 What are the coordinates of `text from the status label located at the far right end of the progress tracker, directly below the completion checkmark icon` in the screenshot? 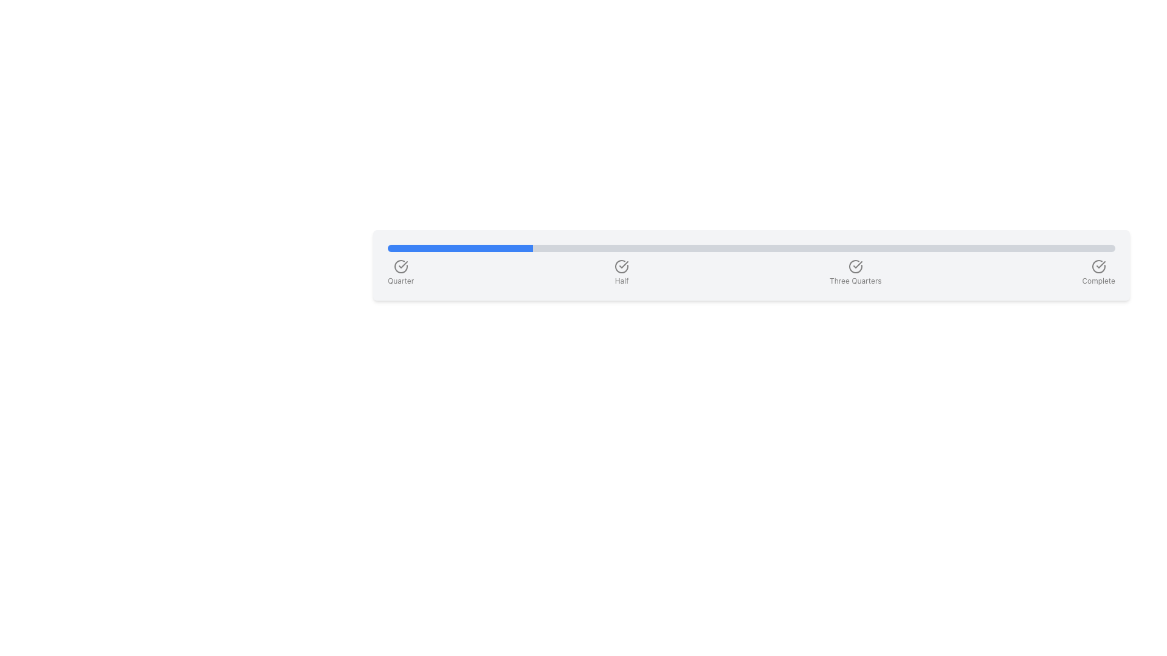 It's located at (1098, 281).